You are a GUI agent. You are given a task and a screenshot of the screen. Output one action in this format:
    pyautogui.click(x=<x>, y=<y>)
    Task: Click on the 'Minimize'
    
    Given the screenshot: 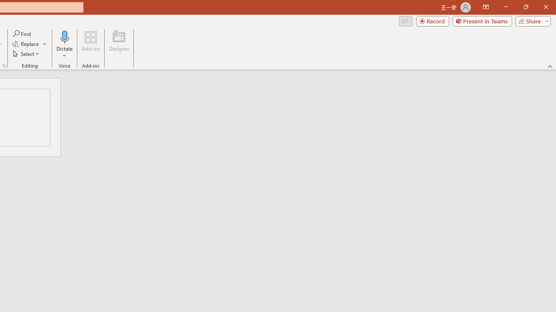 What is the action you would take?
    pyautogui.click(x=506, y=7)
    